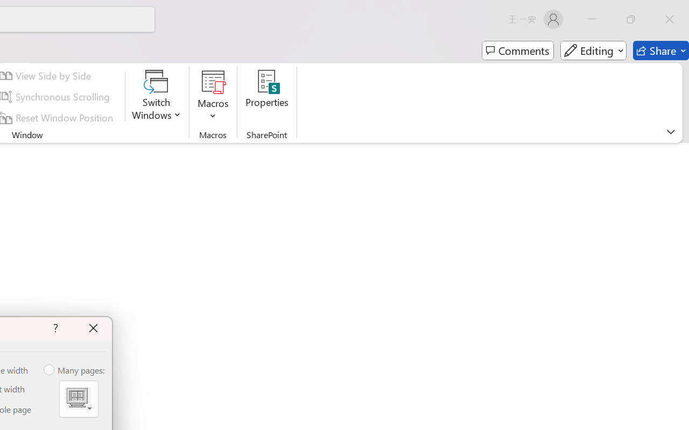  What do you see at coordinates (631, 19) in the screenshot?
I see `'Restore Down'` at bounding box center [631, 19].